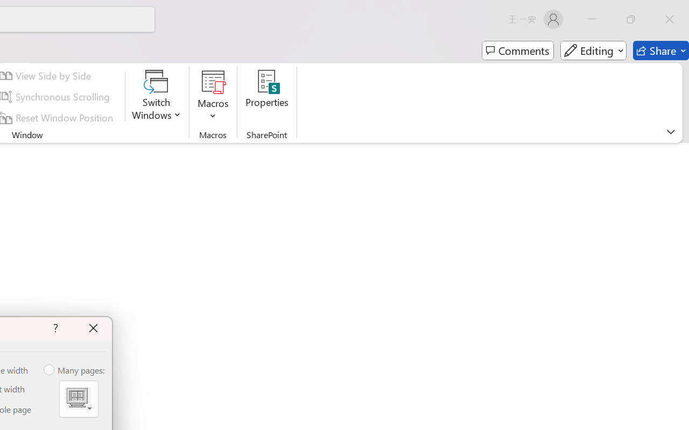  What do you see at coordinates (631, 19) in the screenshot?
I see `'Restore Down'` at bounding box center [631, 19].